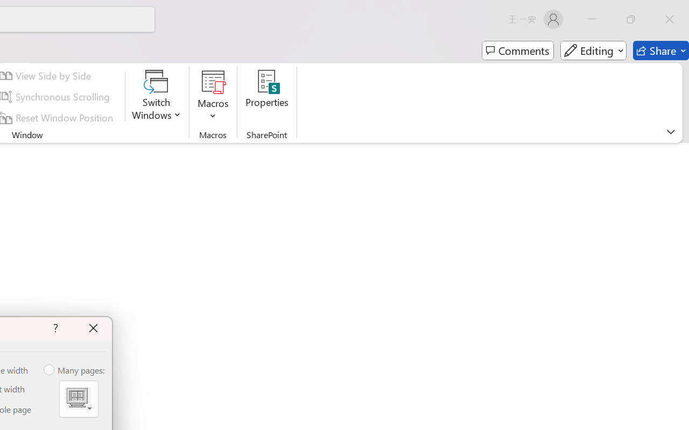  What do you see at coordinates (631, 19) in the screenshot?
I see `'Restore Down'` at bounding box center [631, 19].